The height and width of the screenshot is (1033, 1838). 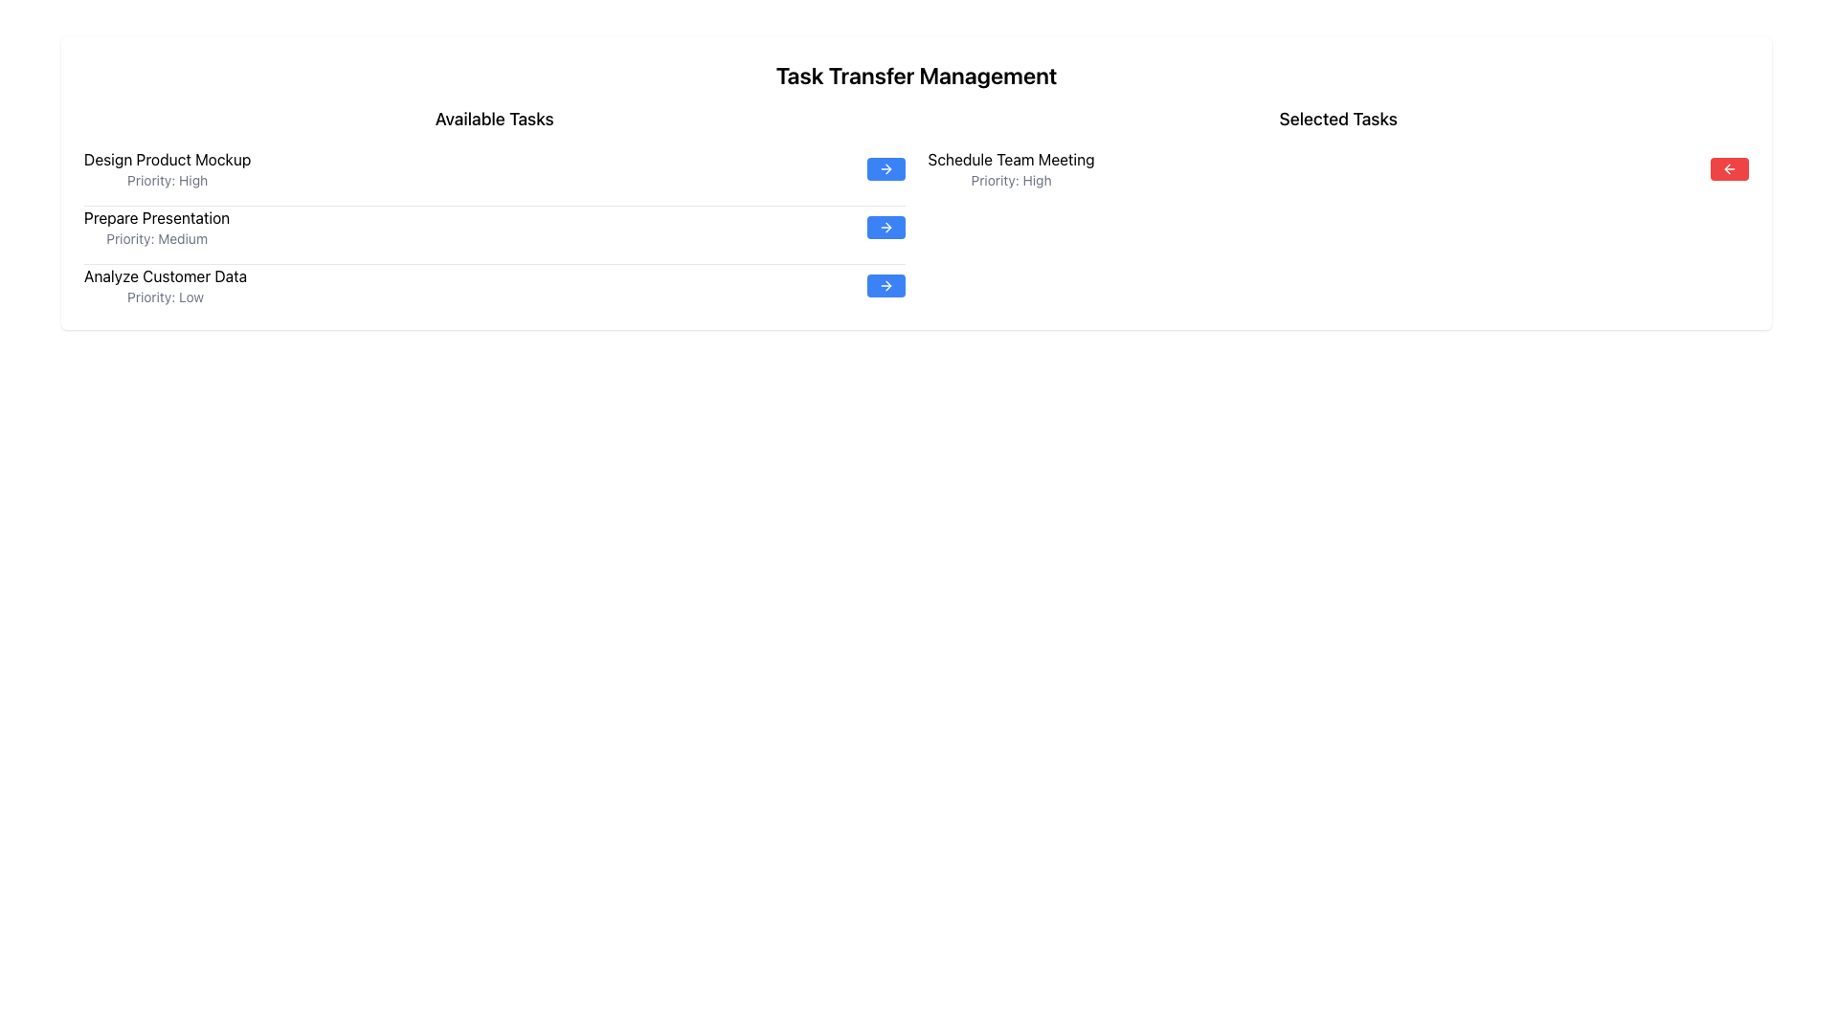 I want to click on the label for the third task in the 'Available Tasks' list, positioned between 'Prepare Presentation' and 'Priority: Low', so click(x=165, y=276).